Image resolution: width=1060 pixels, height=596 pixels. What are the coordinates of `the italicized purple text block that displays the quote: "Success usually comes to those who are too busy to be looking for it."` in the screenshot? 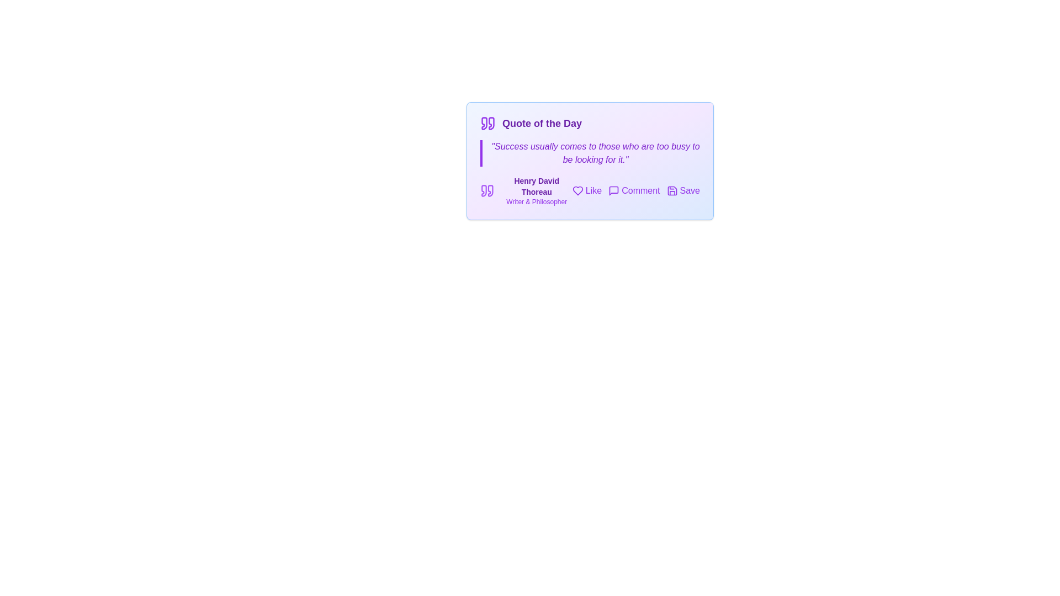 It's located at (590, 153).